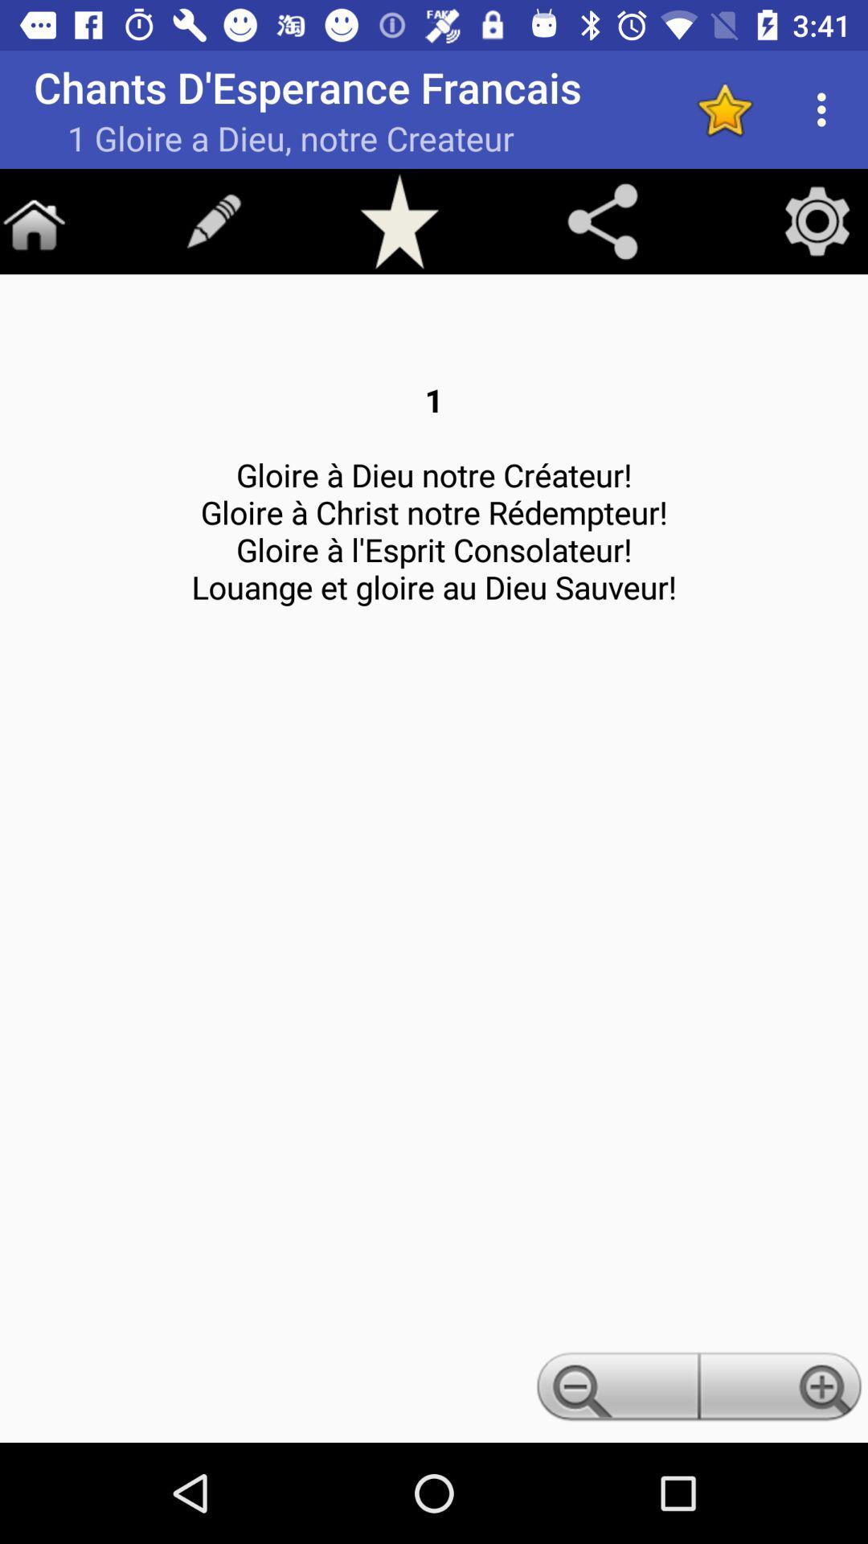 Image resolution: width=868 pixels, height=1544 pixels. Describe the element at coordinates (614, 1390) in the screenshot. I see `press to zoom out` at that location.